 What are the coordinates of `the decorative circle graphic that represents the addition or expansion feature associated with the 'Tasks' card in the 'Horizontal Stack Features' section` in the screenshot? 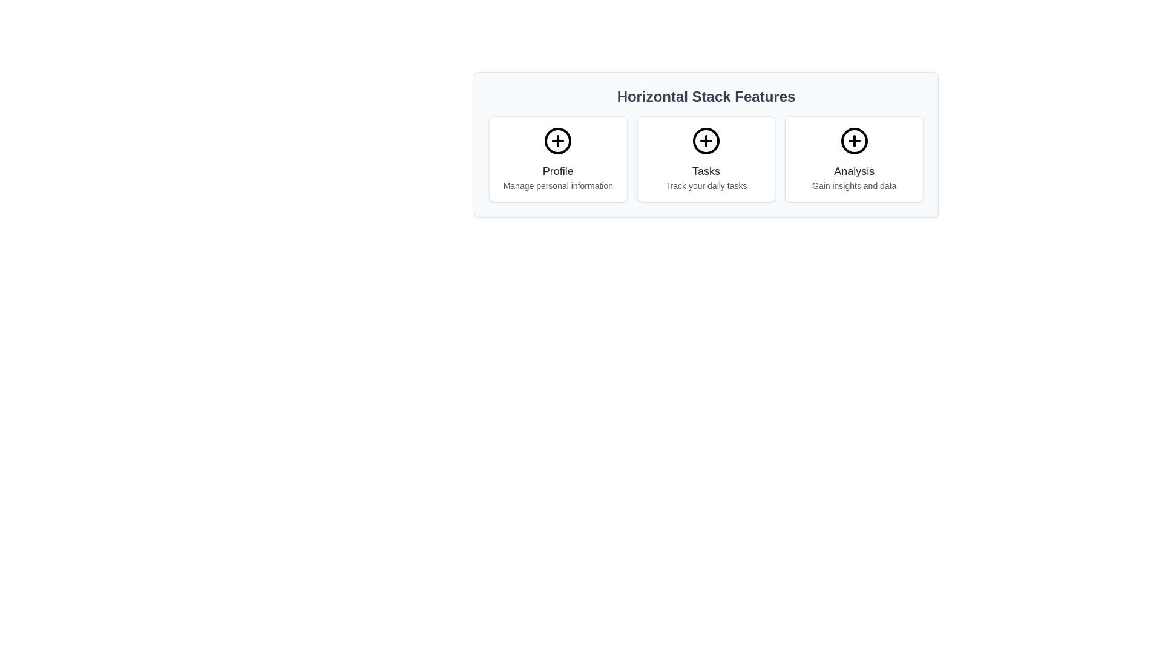 It's located at (706, 140).